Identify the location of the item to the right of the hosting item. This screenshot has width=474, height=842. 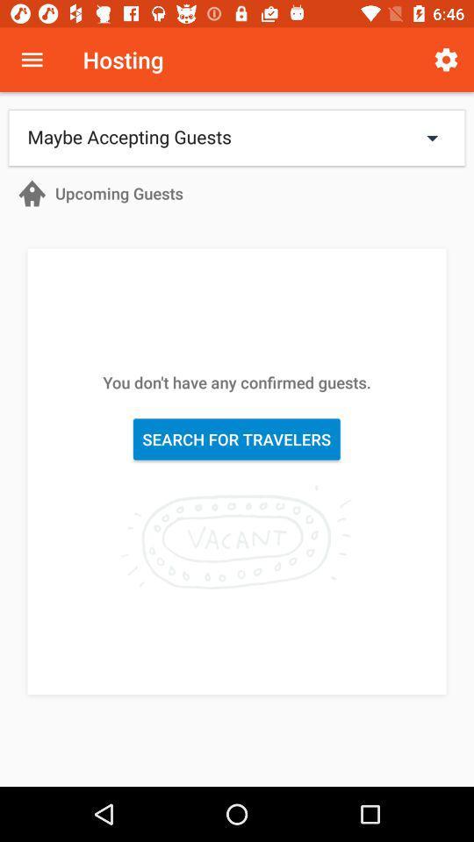
(446, 60).